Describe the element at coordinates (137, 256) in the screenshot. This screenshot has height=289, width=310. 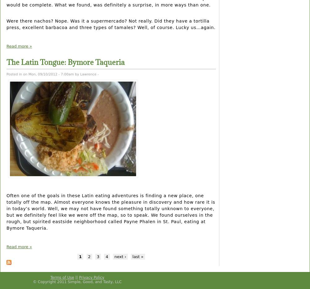
I see `'last »'` at that location.